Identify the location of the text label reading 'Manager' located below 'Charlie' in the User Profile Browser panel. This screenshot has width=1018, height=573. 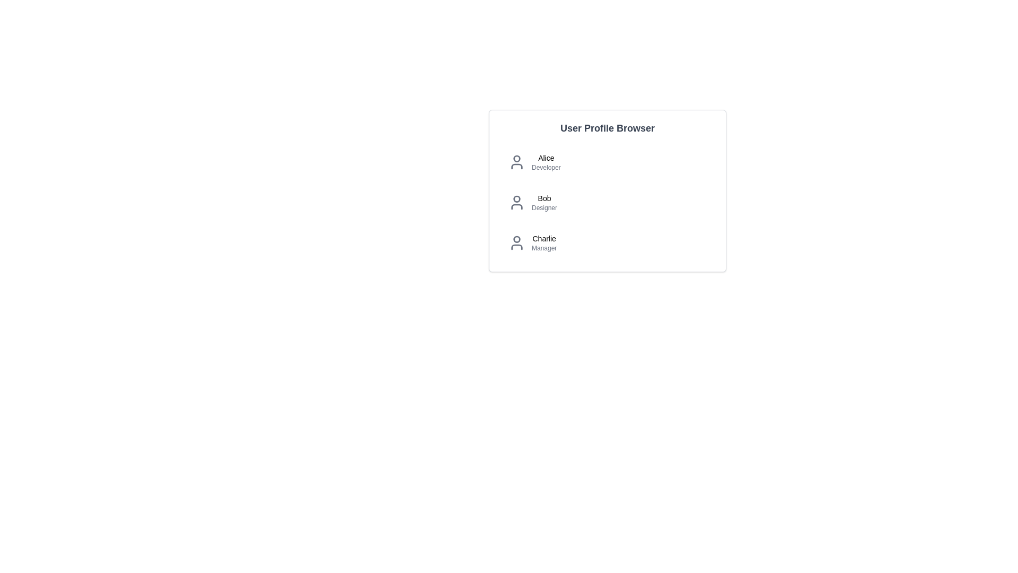
(544, 248).